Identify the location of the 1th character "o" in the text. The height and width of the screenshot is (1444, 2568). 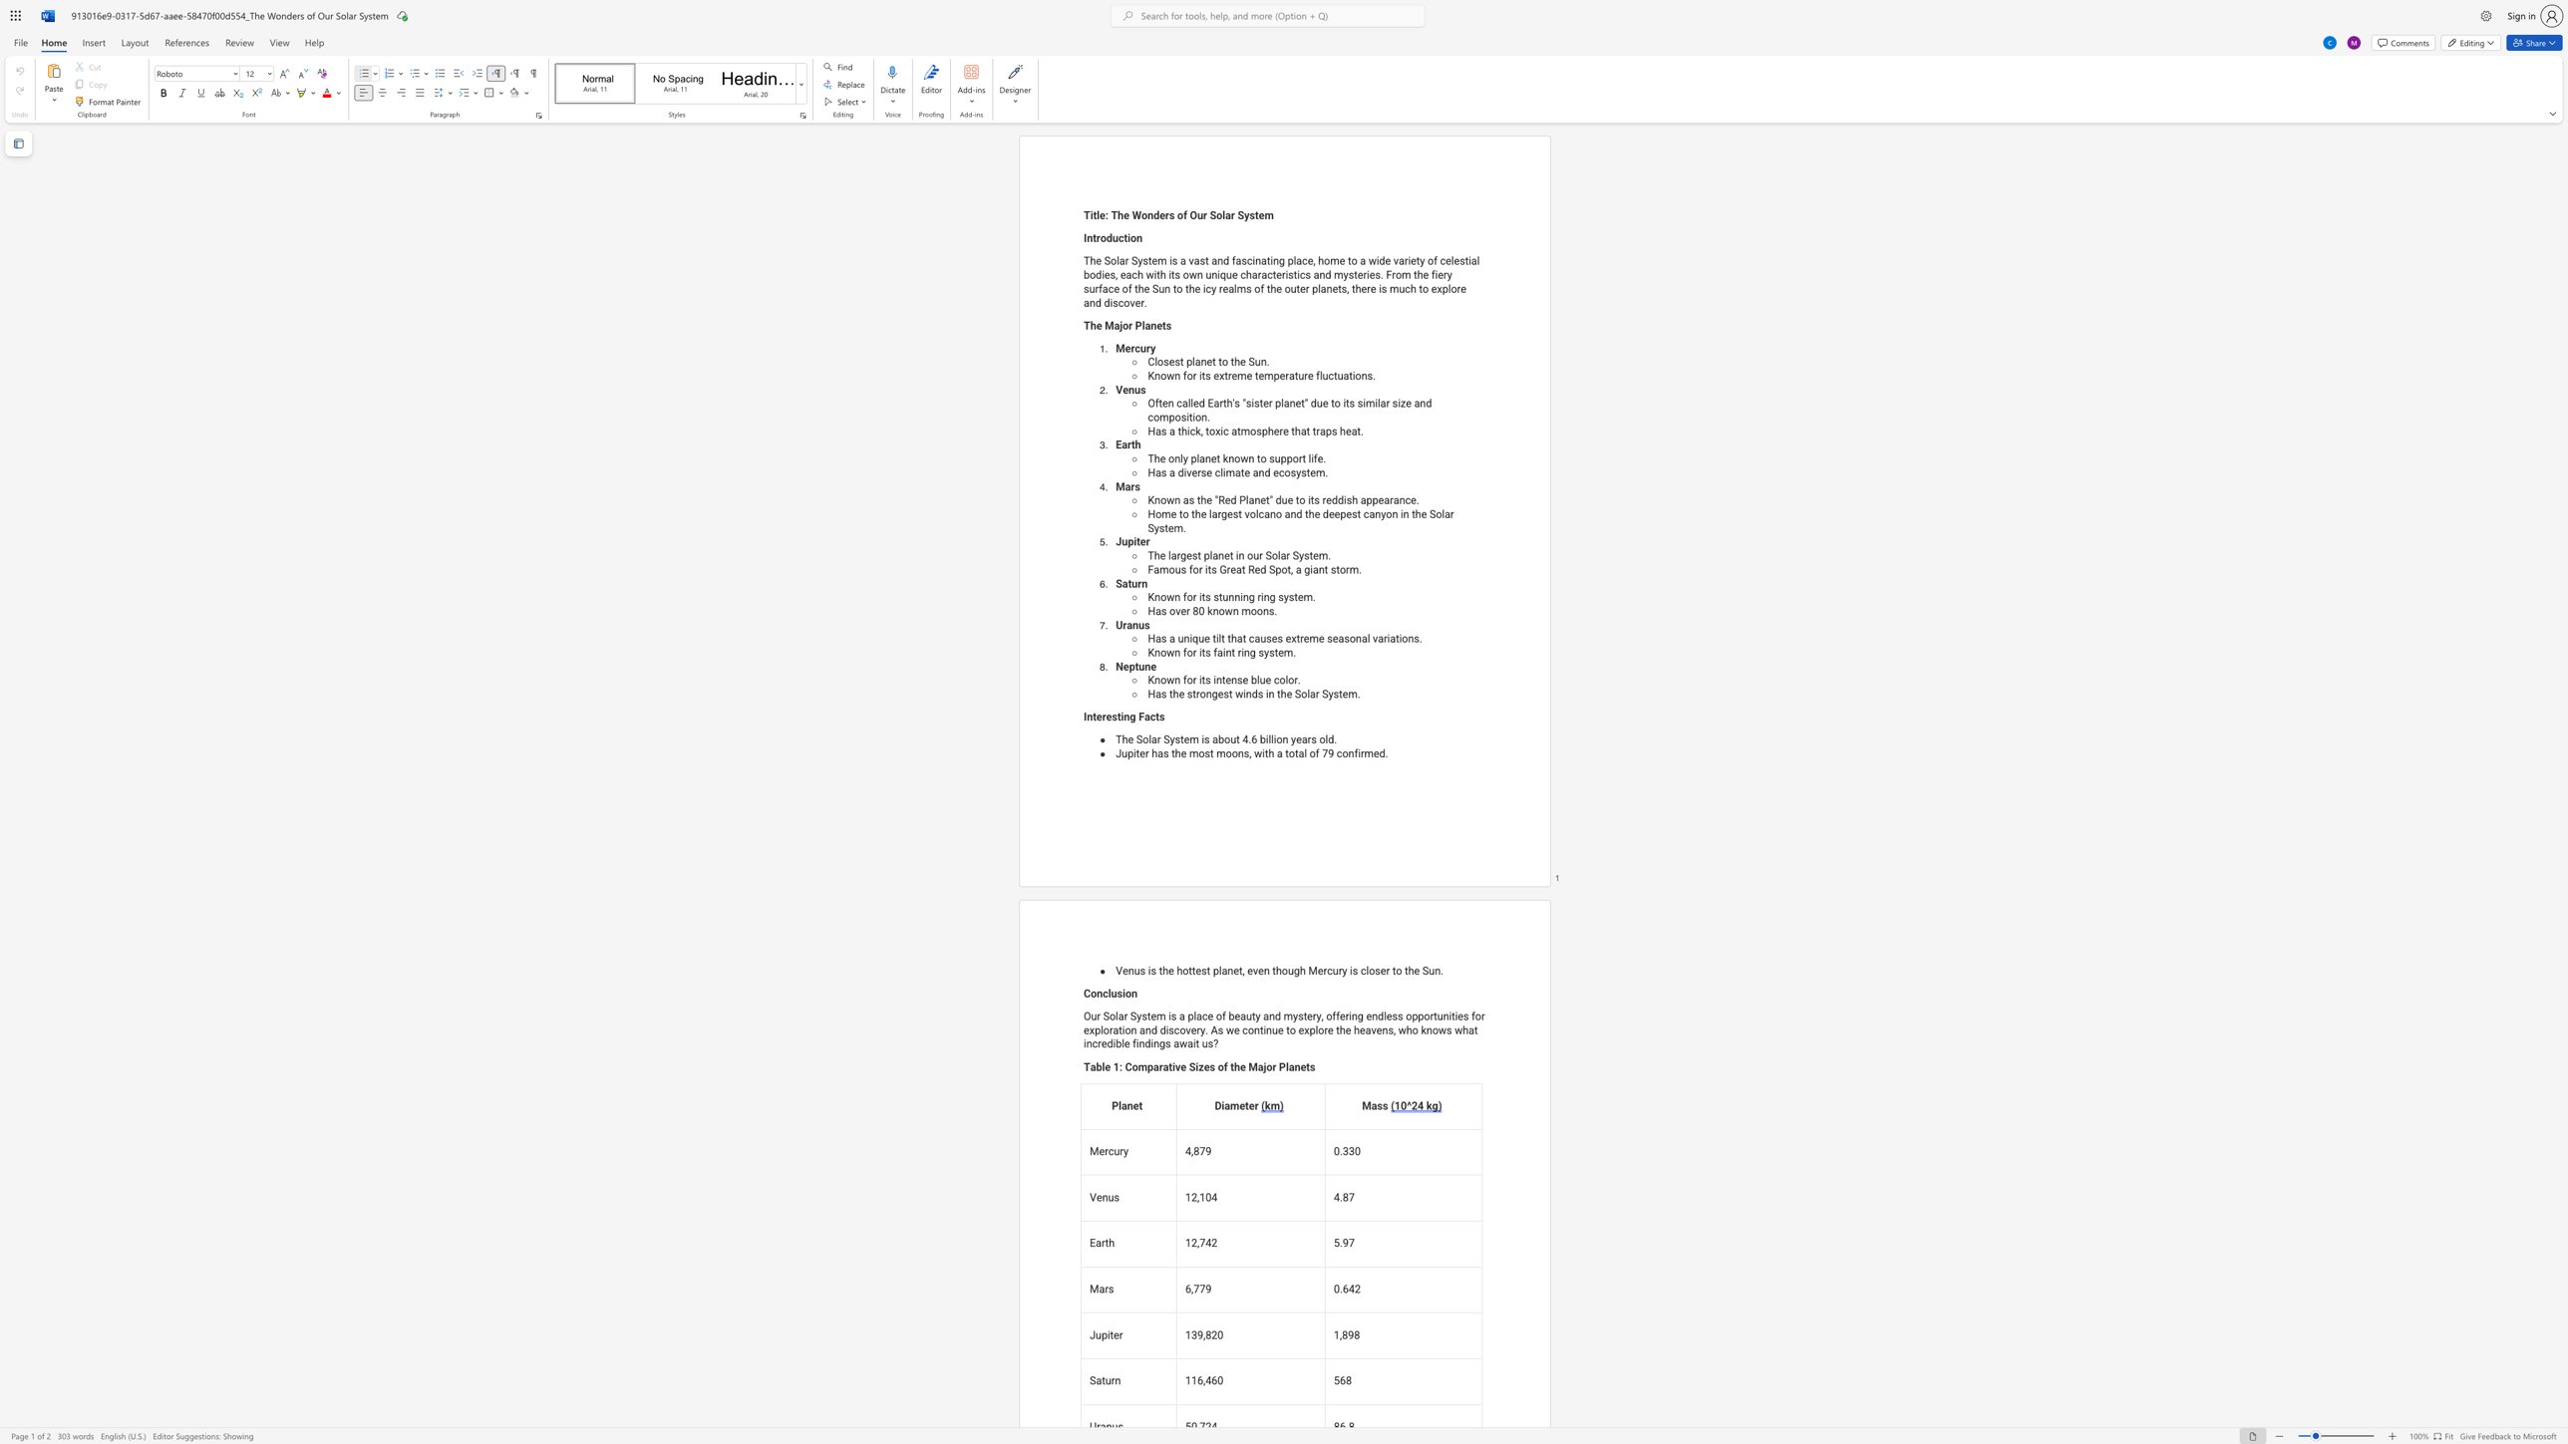
(1161, 680).